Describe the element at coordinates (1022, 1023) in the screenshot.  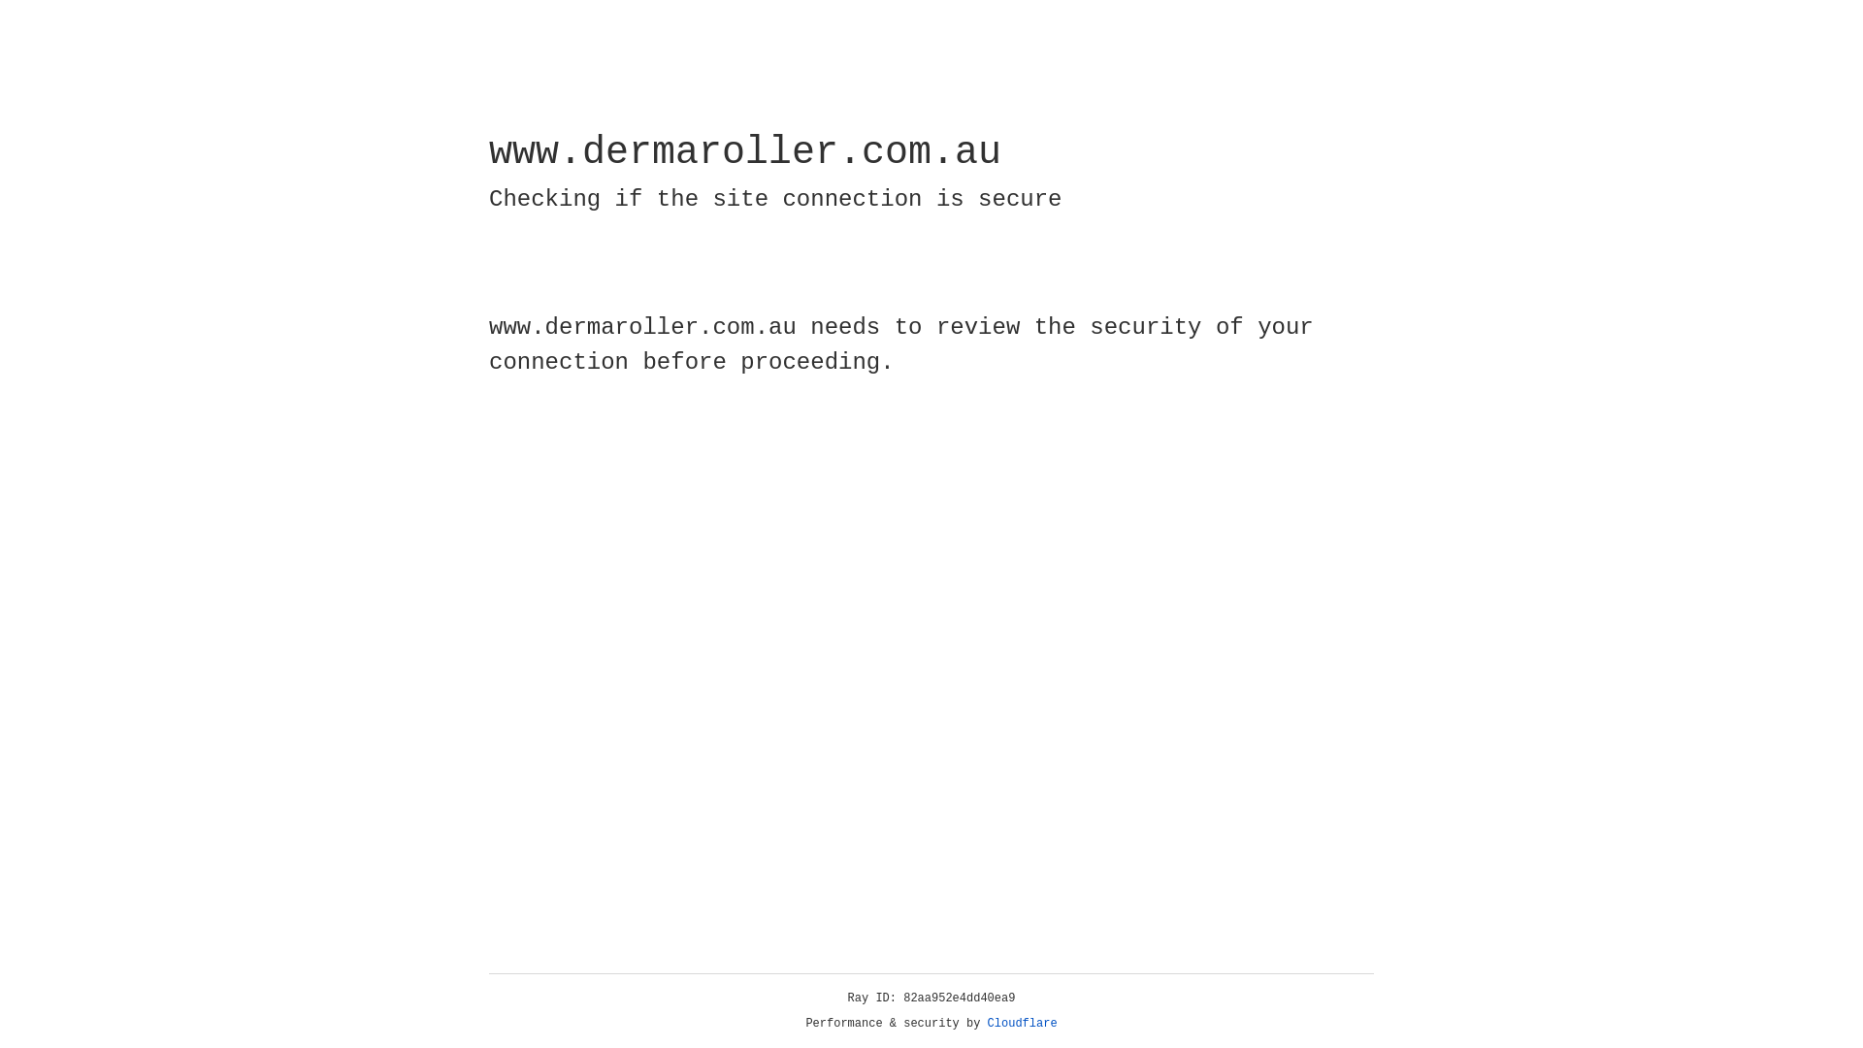
I see `'Cloudflare'` at that location.